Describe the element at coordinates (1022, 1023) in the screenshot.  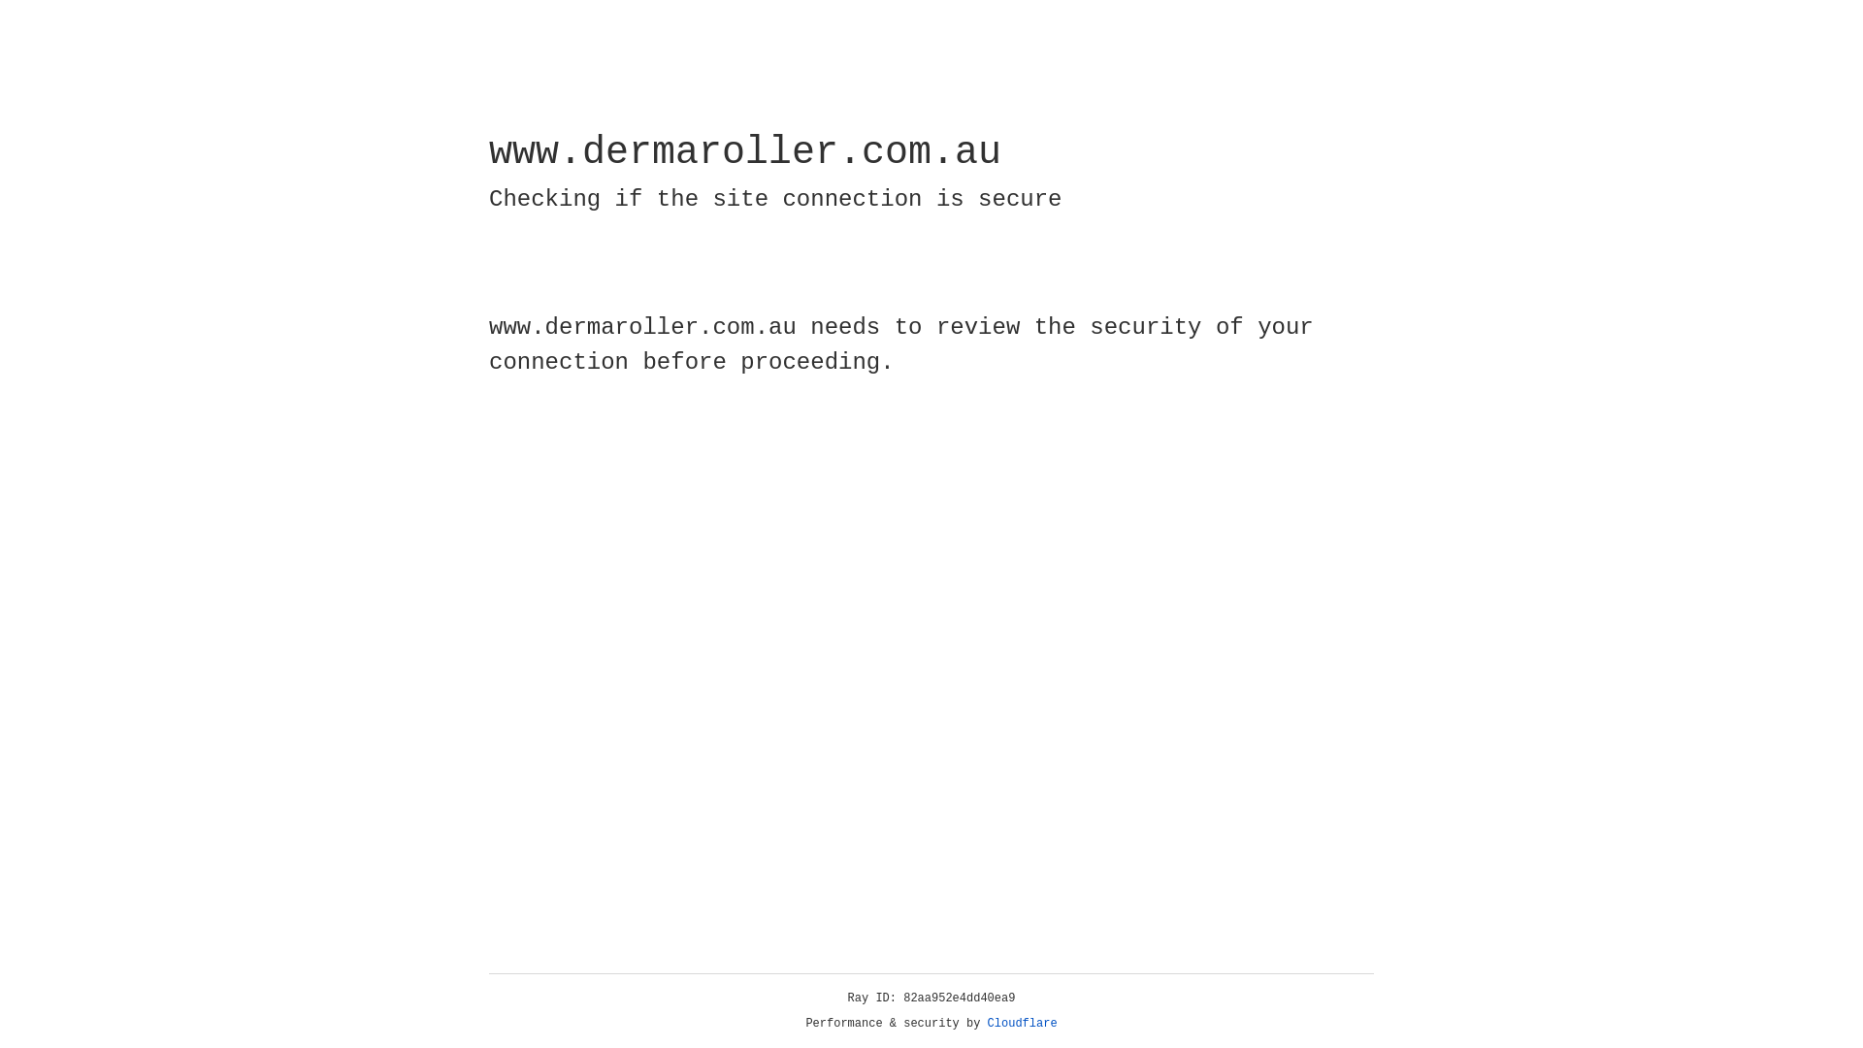
I see `'Cloudflare'` at that location.